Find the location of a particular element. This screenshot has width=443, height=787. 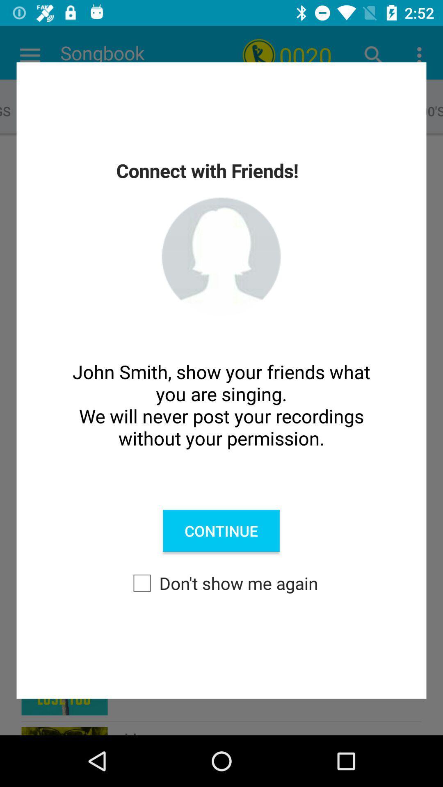

icon below the continue icon is located at coordinates (221, 582).